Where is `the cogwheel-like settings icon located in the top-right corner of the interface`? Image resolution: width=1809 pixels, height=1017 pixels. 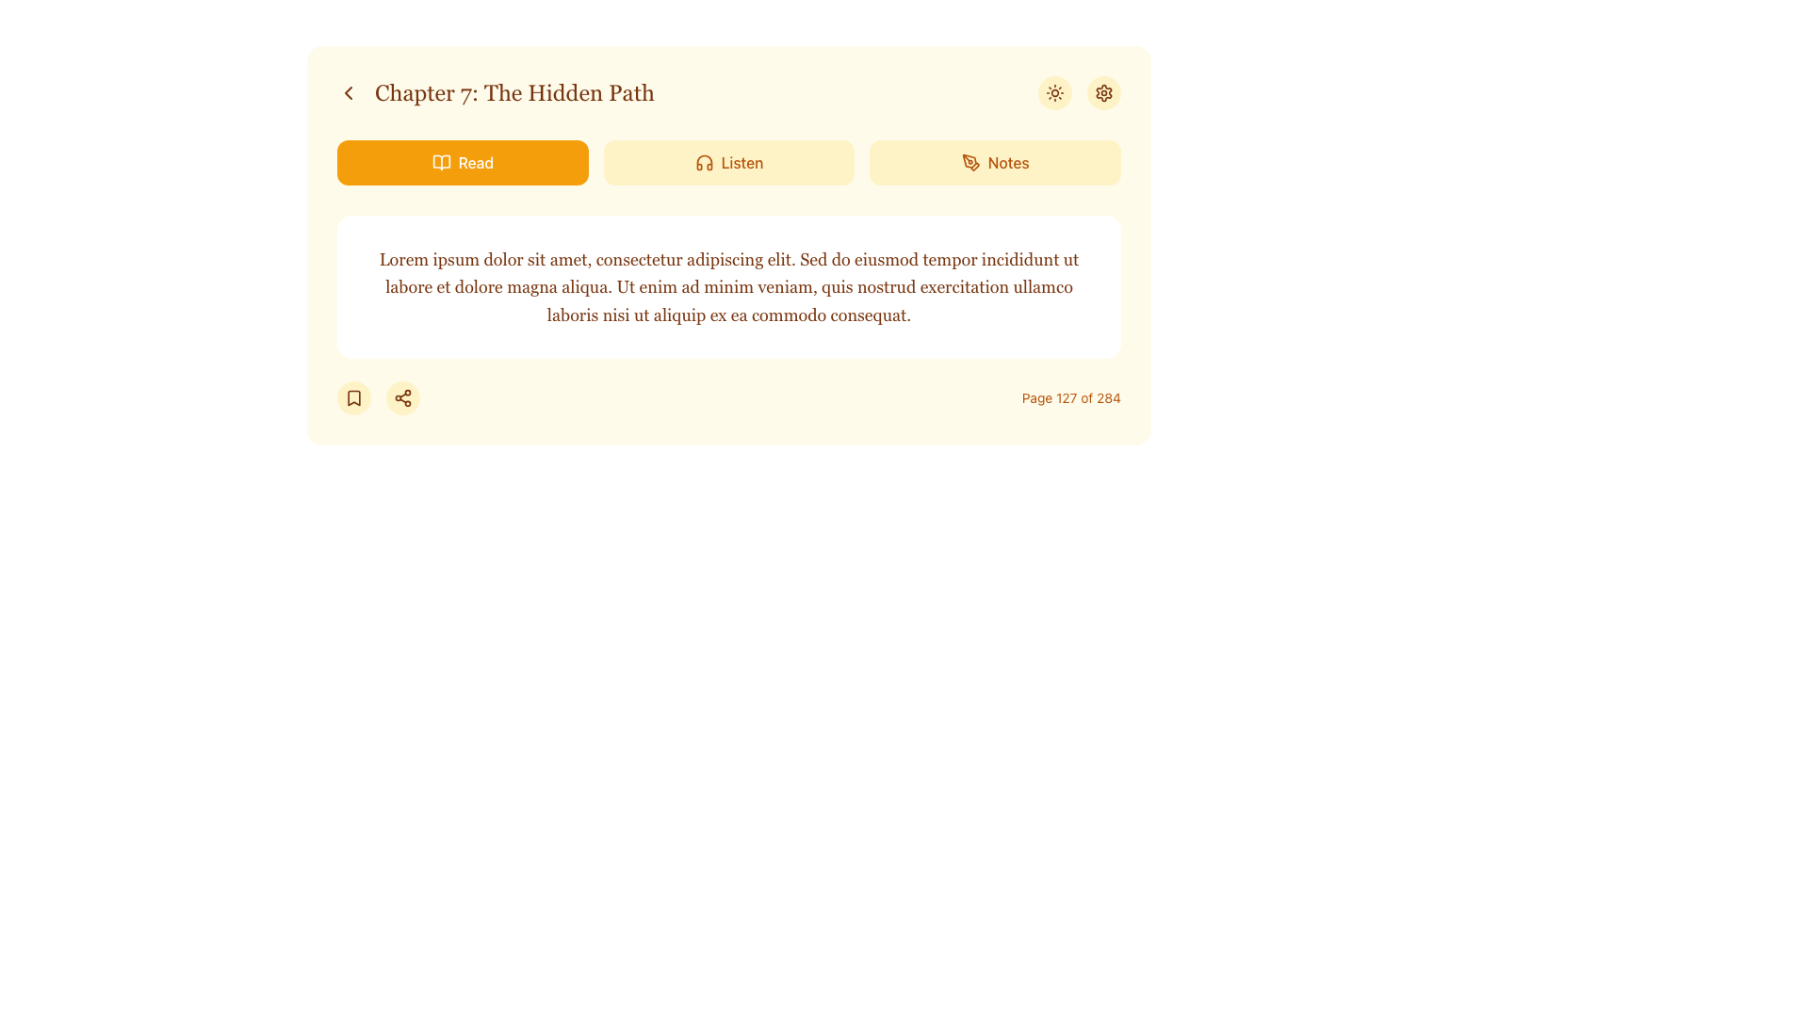
the cogwheel-like settings icon located in the top-right corner of the interface is located at coordinates (1103, 93).